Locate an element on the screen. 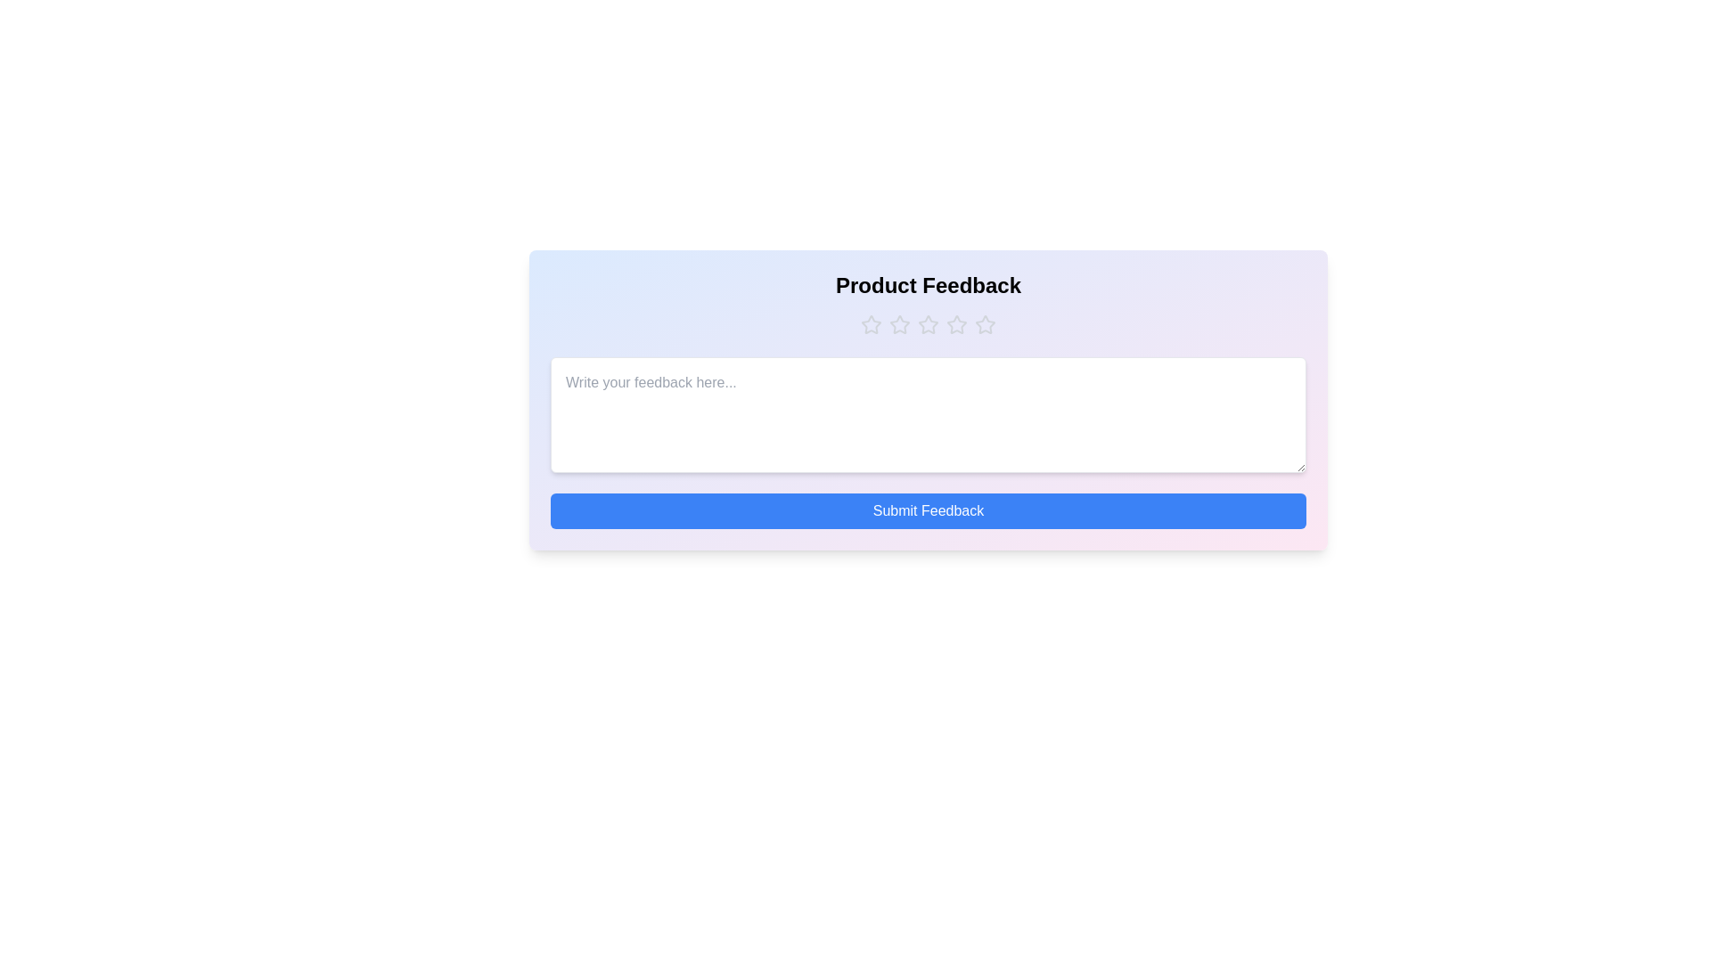  'Submit Feedback' button to submit the feedback is located at coordinates (927, 511).